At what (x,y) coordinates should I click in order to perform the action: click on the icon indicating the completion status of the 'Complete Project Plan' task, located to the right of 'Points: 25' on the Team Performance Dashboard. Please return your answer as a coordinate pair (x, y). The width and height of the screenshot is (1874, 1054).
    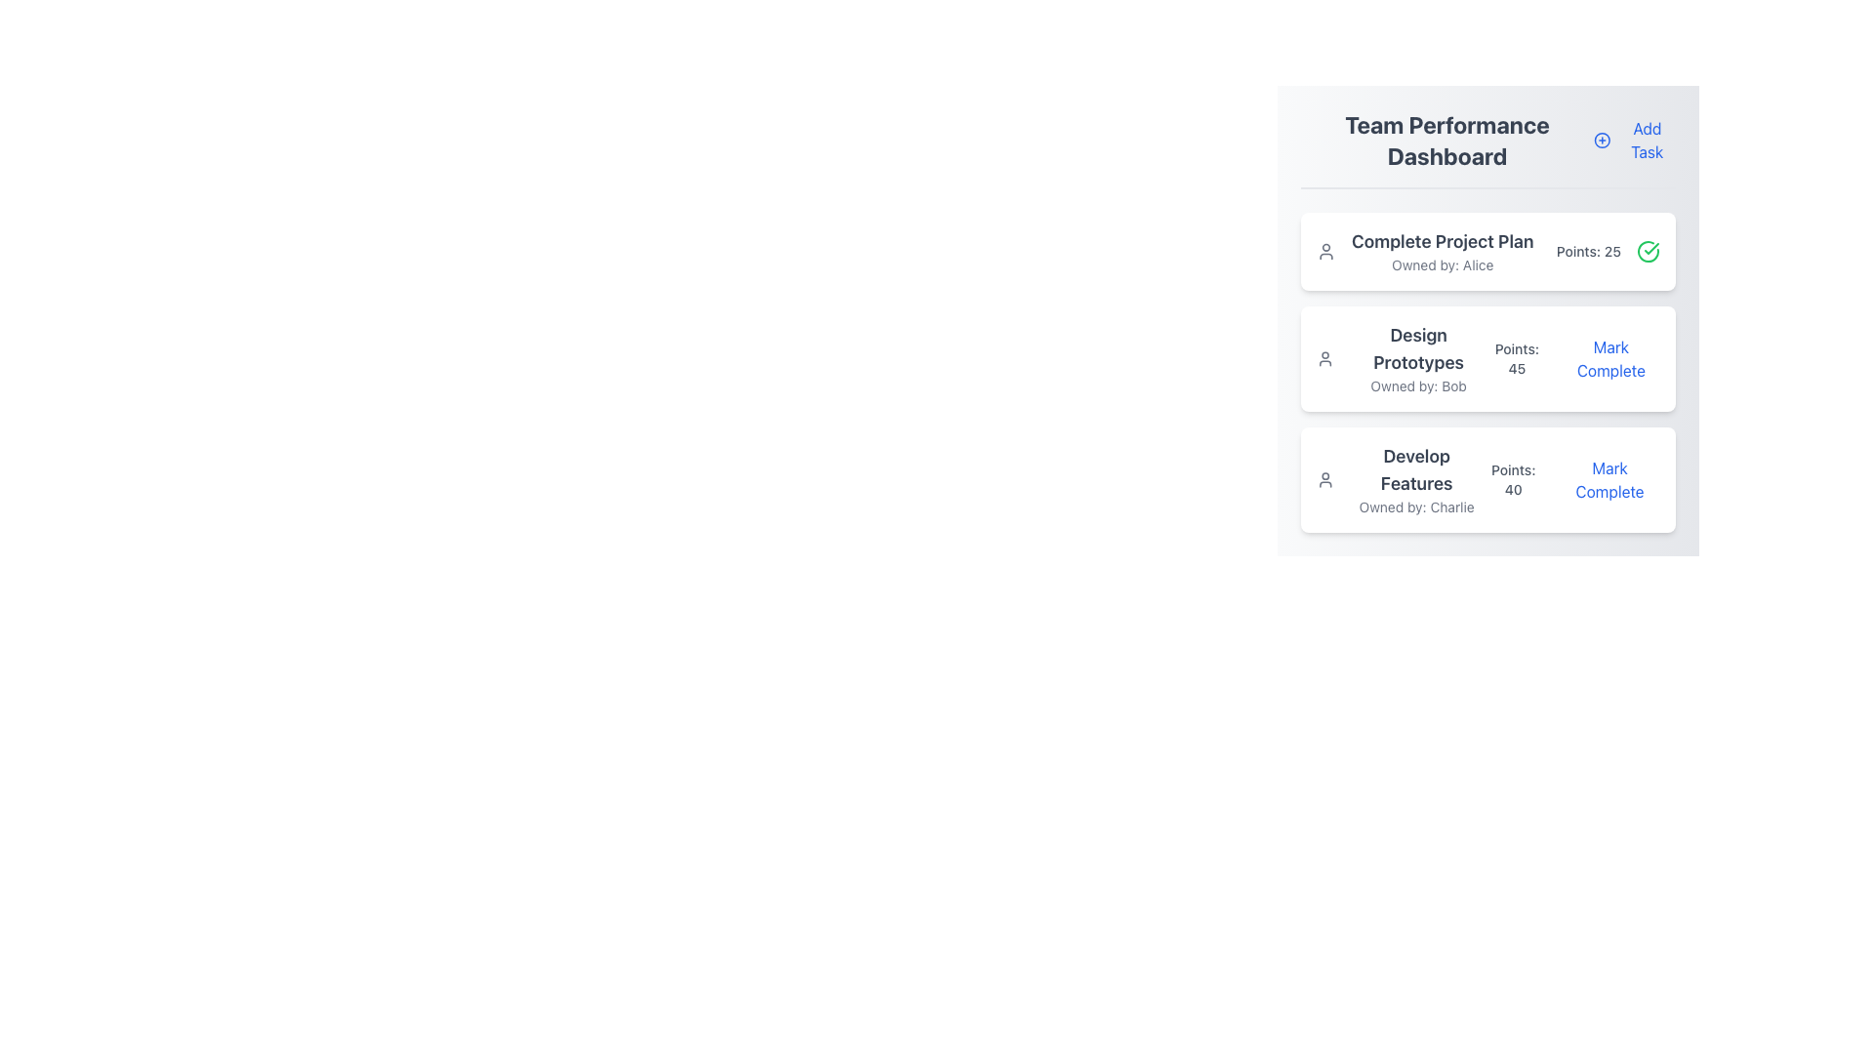
    Looking at the image, I should click on (1648, 251).